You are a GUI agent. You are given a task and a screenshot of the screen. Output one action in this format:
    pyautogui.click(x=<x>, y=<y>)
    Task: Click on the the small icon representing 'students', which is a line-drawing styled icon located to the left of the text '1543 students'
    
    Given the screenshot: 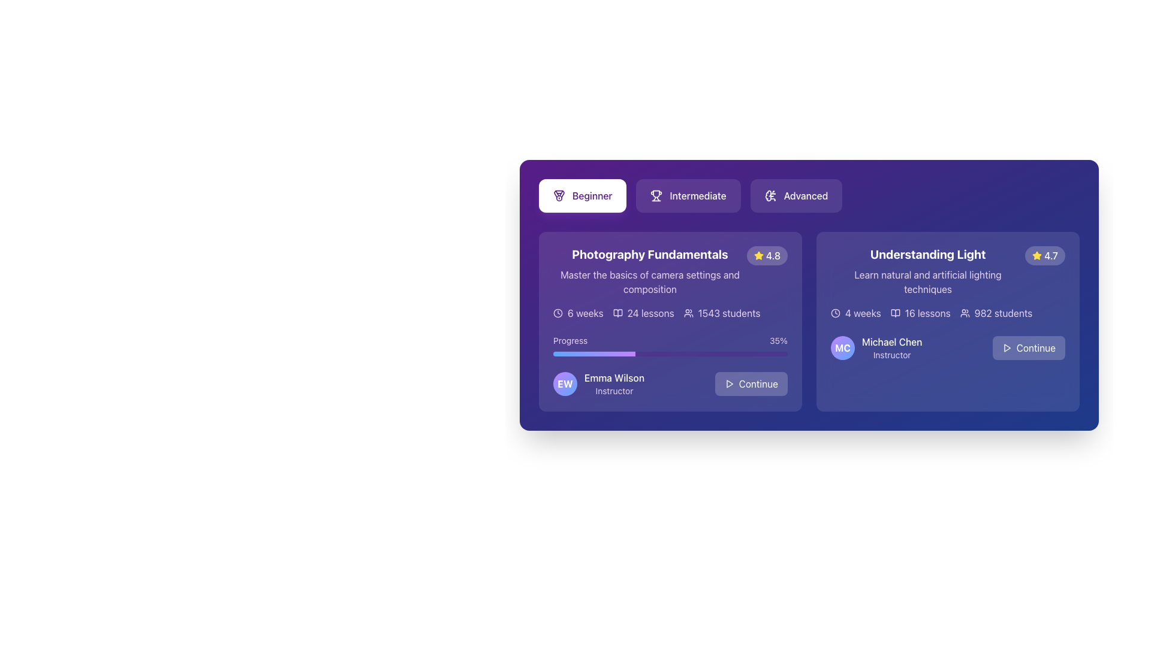 What is the action you would take?
    pyautogui.click(x=688, y=313)
    